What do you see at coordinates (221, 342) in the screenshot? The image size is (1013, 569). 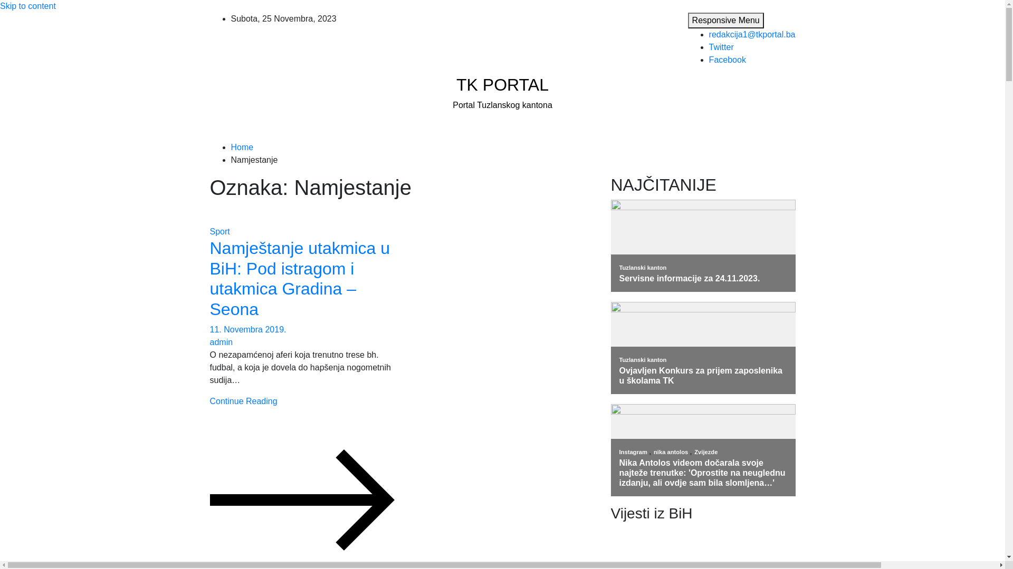 I see `'admin'` at bounding box center [221, 342].